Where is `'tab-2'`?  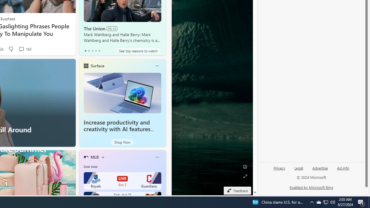
'tab-2' is located at coordinates (92, 51).